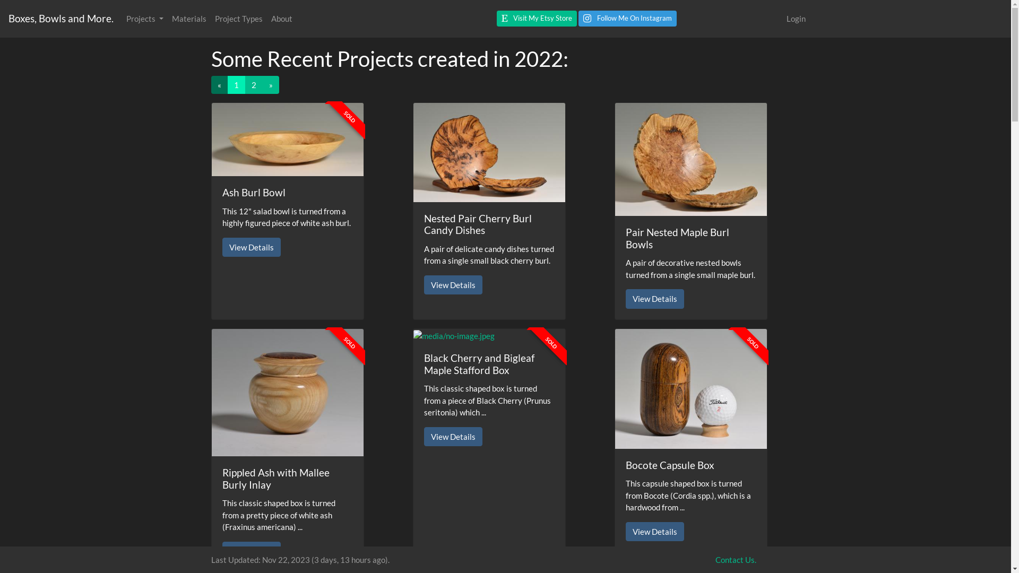 The width and height of the screenshot is (1019, 573). Describe the element at coordinates (253, 84) in the screenshot. I see `'2'` at that location.